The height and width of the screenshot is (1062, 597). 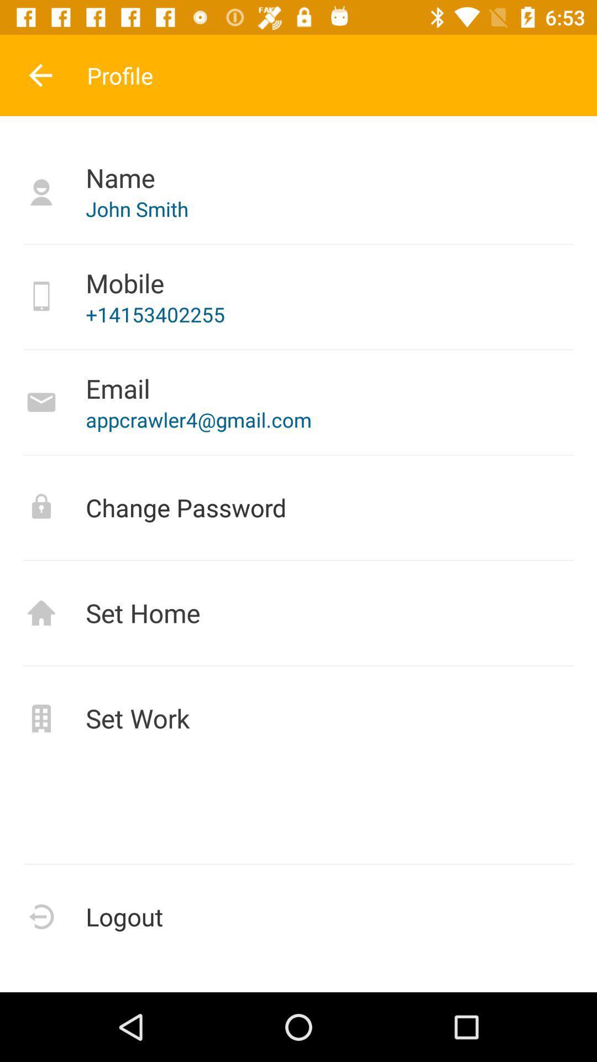 I want to click on the item next to the profile app, so click(x=40, y=75).